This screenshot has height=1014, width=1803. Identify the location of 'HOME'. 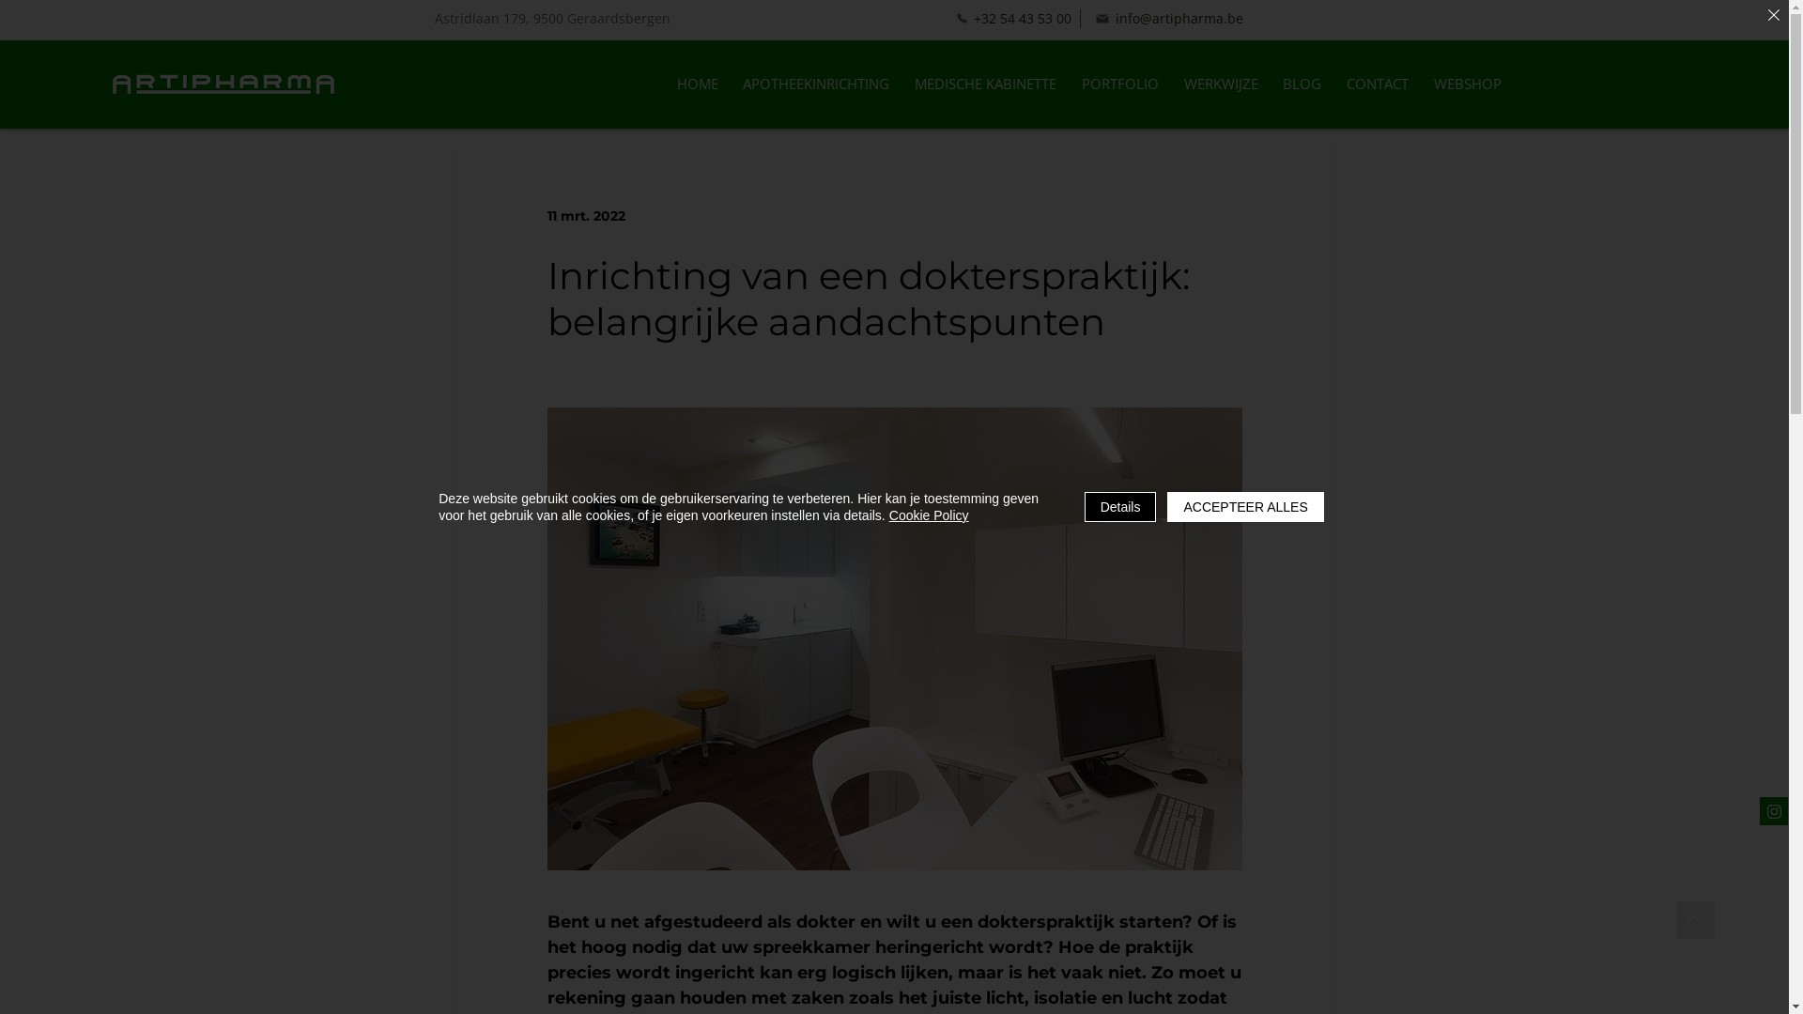
(696, 83).